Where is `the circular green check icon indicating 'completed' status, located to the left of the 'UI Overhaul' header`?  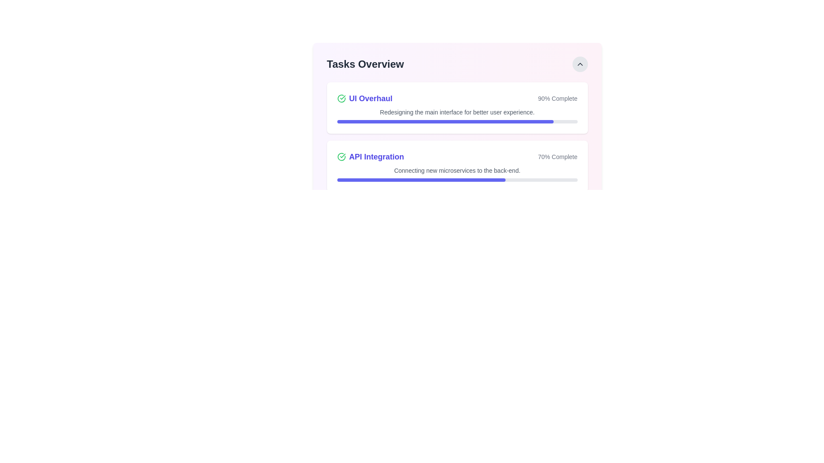 the circular green check icon indicating 'completed' status, located to the left of the 'UI Overhaul' header is located at coordinates (341, 98).